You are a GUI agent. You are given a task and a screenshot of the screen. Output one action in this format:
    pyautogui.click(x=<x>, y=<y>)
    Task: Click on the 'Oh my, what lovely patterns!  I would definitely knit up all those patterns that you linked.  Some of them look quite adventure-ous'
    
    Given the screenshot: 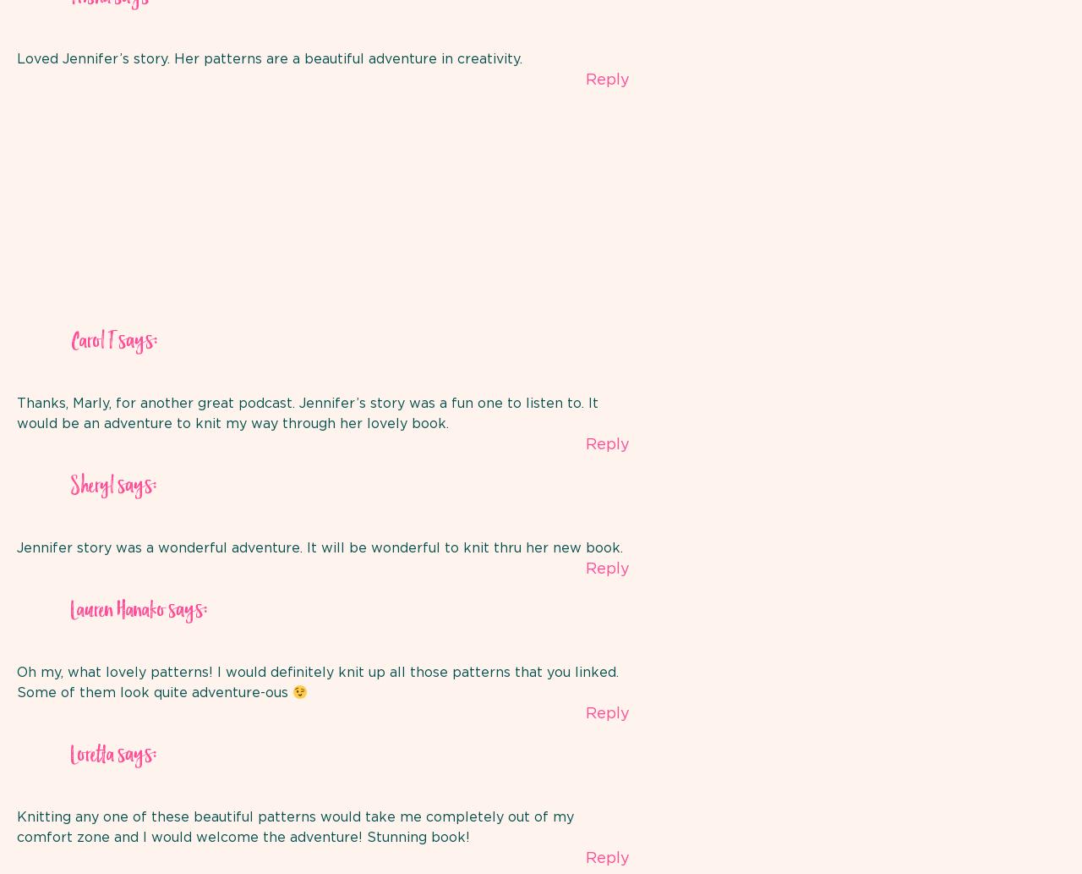 What is the action you would take?
    pyautogui.click(x=318, y=682)
    